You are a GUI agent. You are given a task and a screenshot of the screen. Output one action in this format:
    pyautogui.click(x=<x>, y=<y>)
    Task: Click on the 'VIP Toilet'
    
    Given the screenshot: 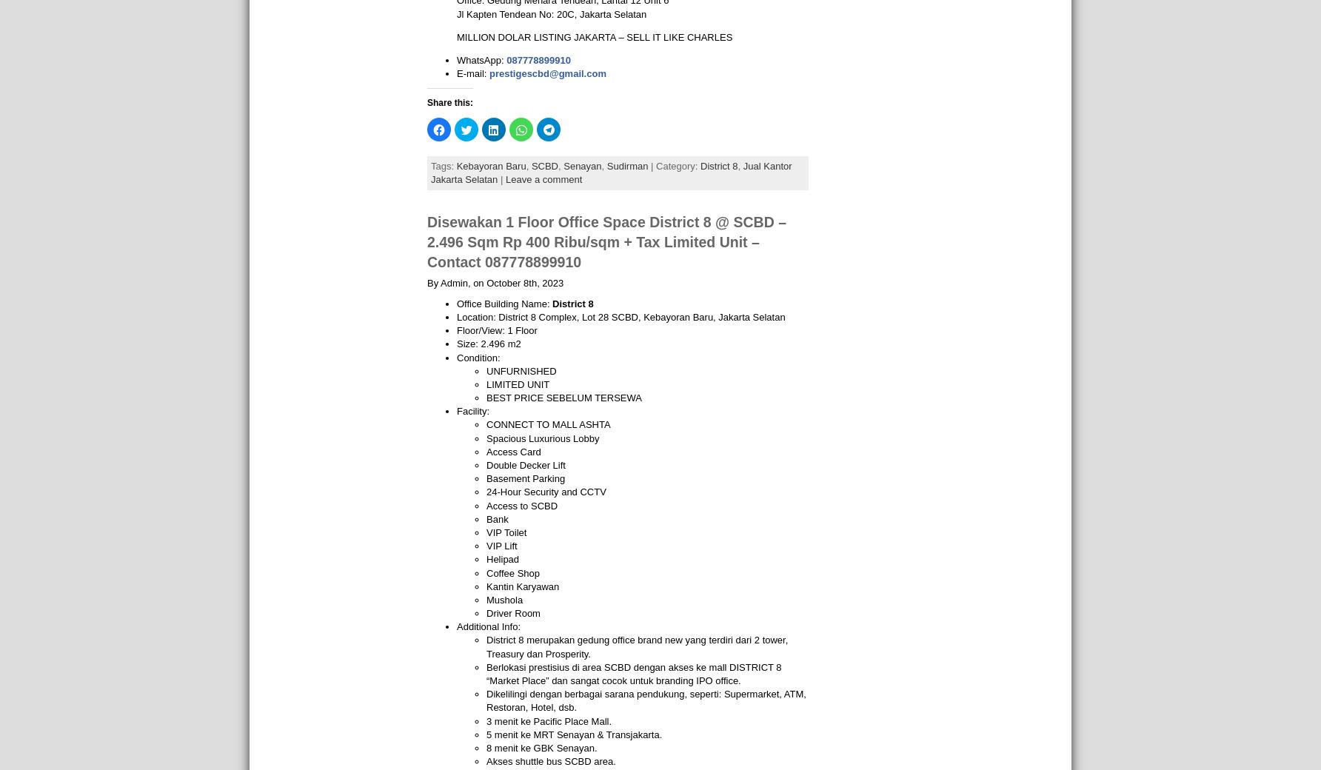 What is the action you would take?
    pyautogui.click(x=506, y=532)
    